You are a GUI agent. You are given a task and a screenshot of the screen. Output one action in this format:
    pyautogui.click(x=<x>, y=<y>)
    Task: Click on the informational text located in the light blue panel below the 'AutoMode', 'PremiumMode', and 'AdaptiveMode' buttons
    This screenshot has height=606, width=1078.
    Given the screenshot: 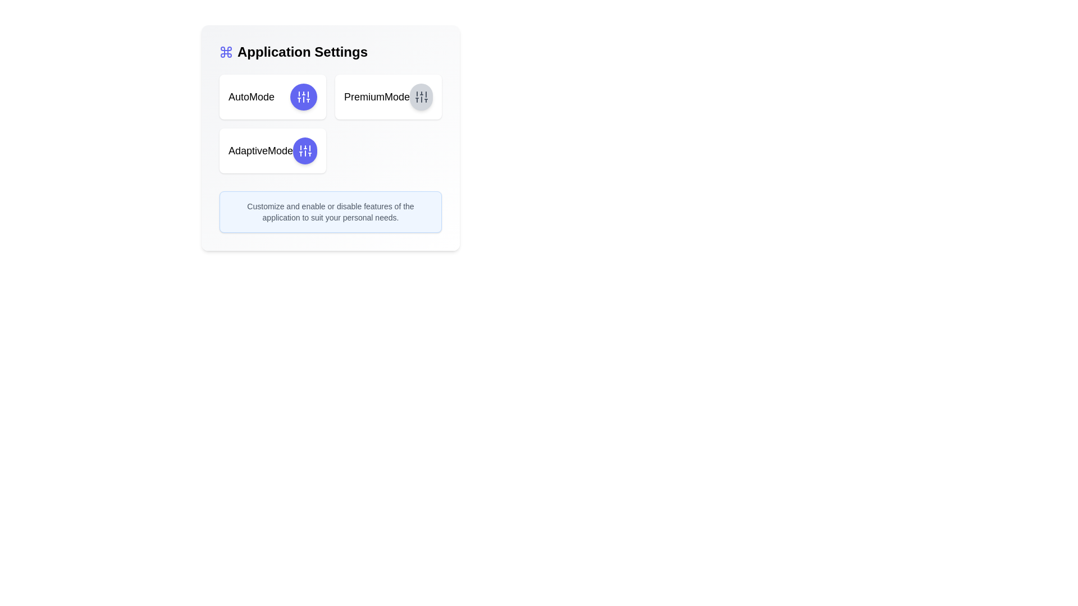 What is the action you would take?
    pyautogui.click(x=330, y=212)
    